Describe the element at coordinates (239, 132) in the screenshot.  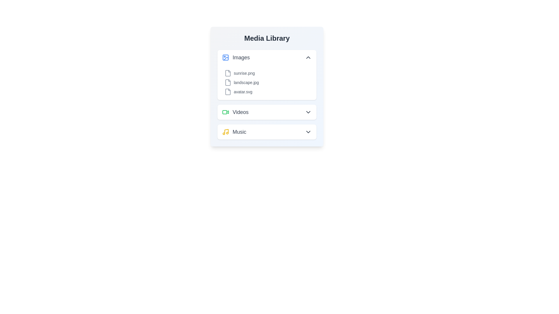
I see `the 'Music' static text label, which is styled with a medium font weight and large size, located next to a yellow music note icon` at that location.